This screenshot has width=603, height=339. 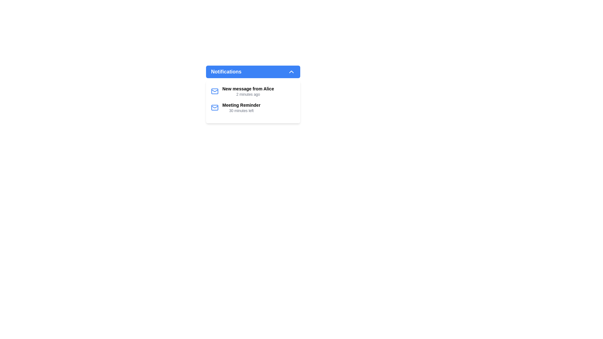 I want to click on the second notification entry titled 'Meeting Reminder', which features a bolded title and a smaller gray subtext indicating '30 minutes left', so click(x=241, y=107).